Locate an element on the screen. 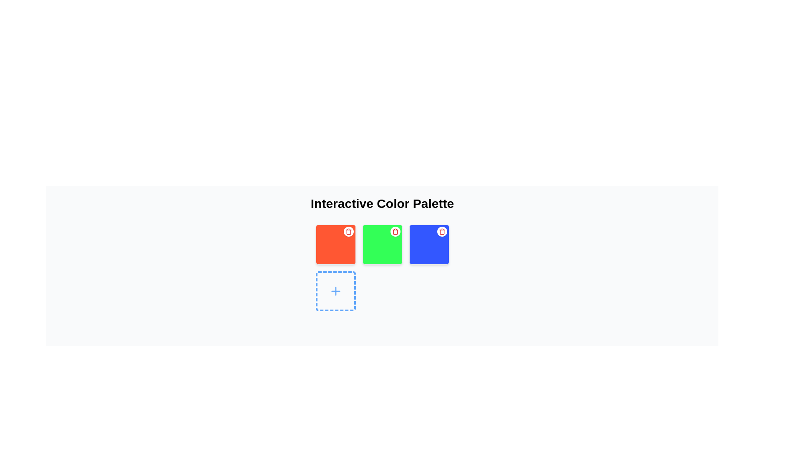  the delete button located at the top-right corner of the red square box is located at coordinates (348, 231).